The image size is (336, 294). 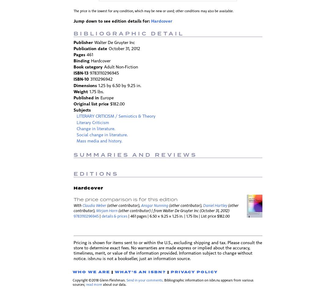 What do you see at coordinates (81, 79) in the screenshot?
I see `'ISBN-10'` at bounding box center [81, 79].